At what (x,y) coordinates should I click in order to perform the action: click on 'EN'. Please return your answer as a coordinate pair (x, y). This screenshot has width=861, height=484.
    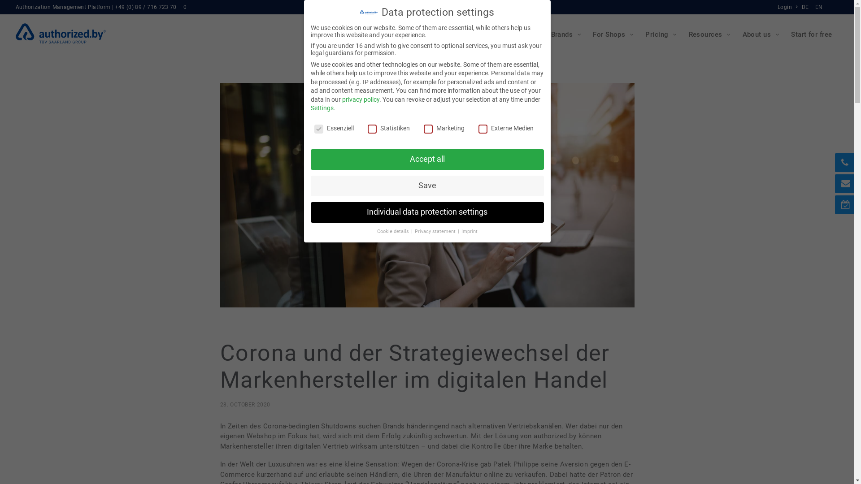
    Looking at the image, I should click on (818, 7).